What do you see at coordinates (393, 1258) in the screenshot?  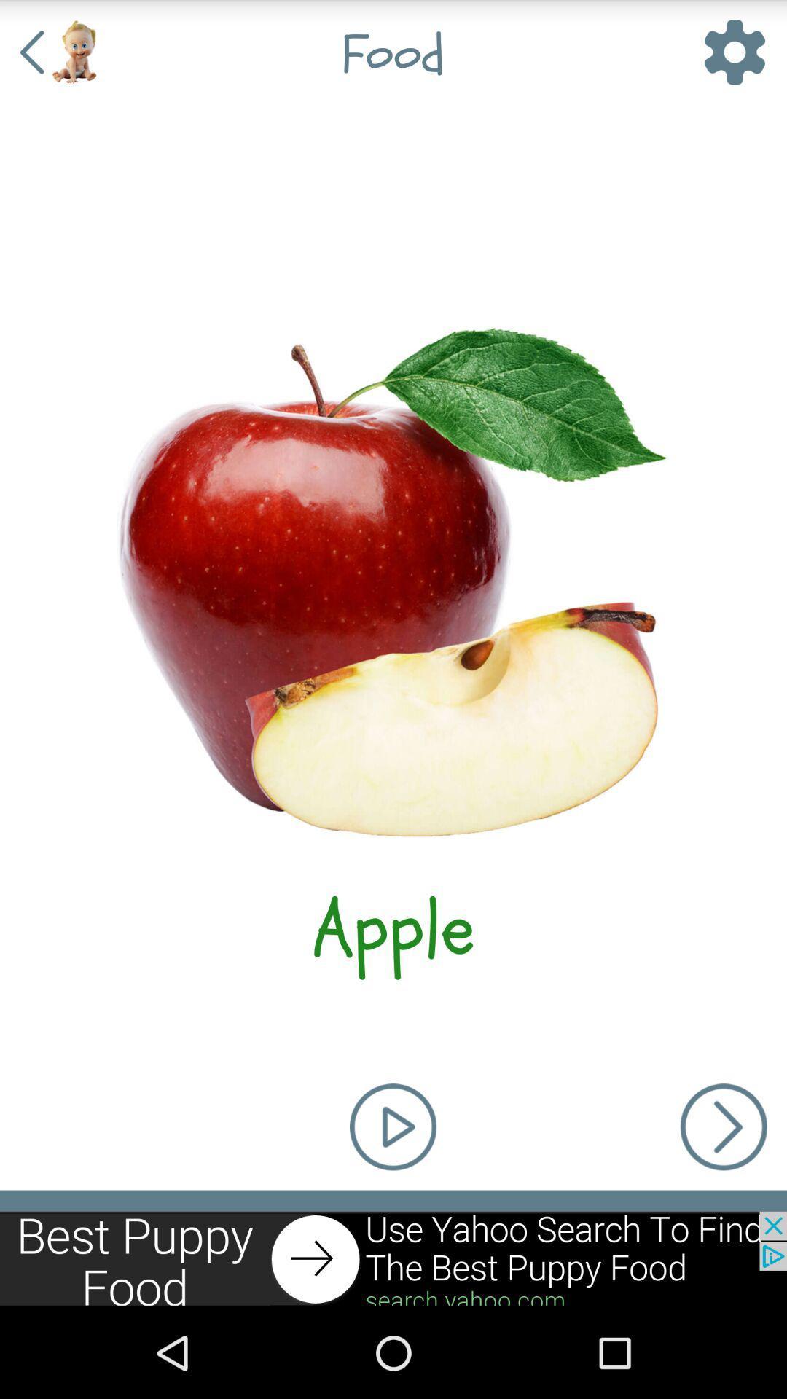 I see `next` at bounding box center [393, 1258].